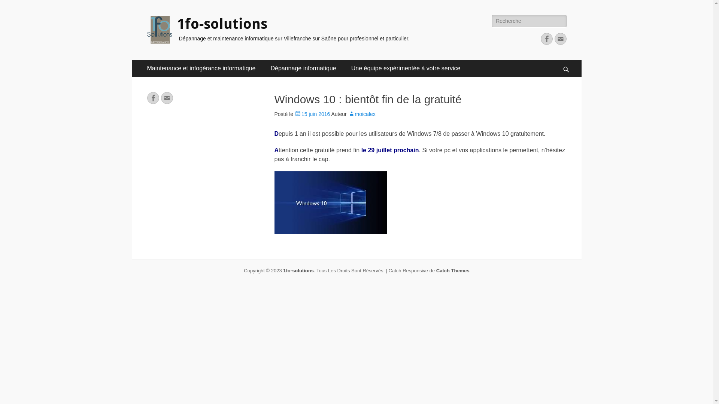 This screenshot has width=719, height=404. I want to click on 'Facebook', so click(546, 39).